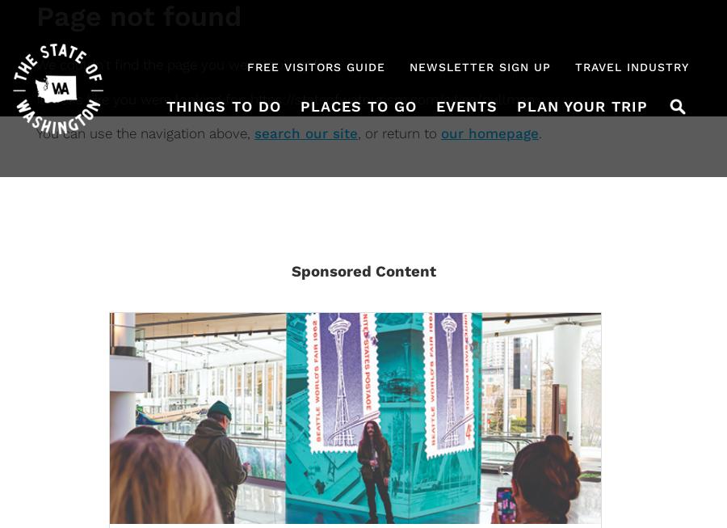 This screenshot has height=528, width=727. Describe the element at coordinates (538, 133) in the screenshot. I see `'.'` at that location.